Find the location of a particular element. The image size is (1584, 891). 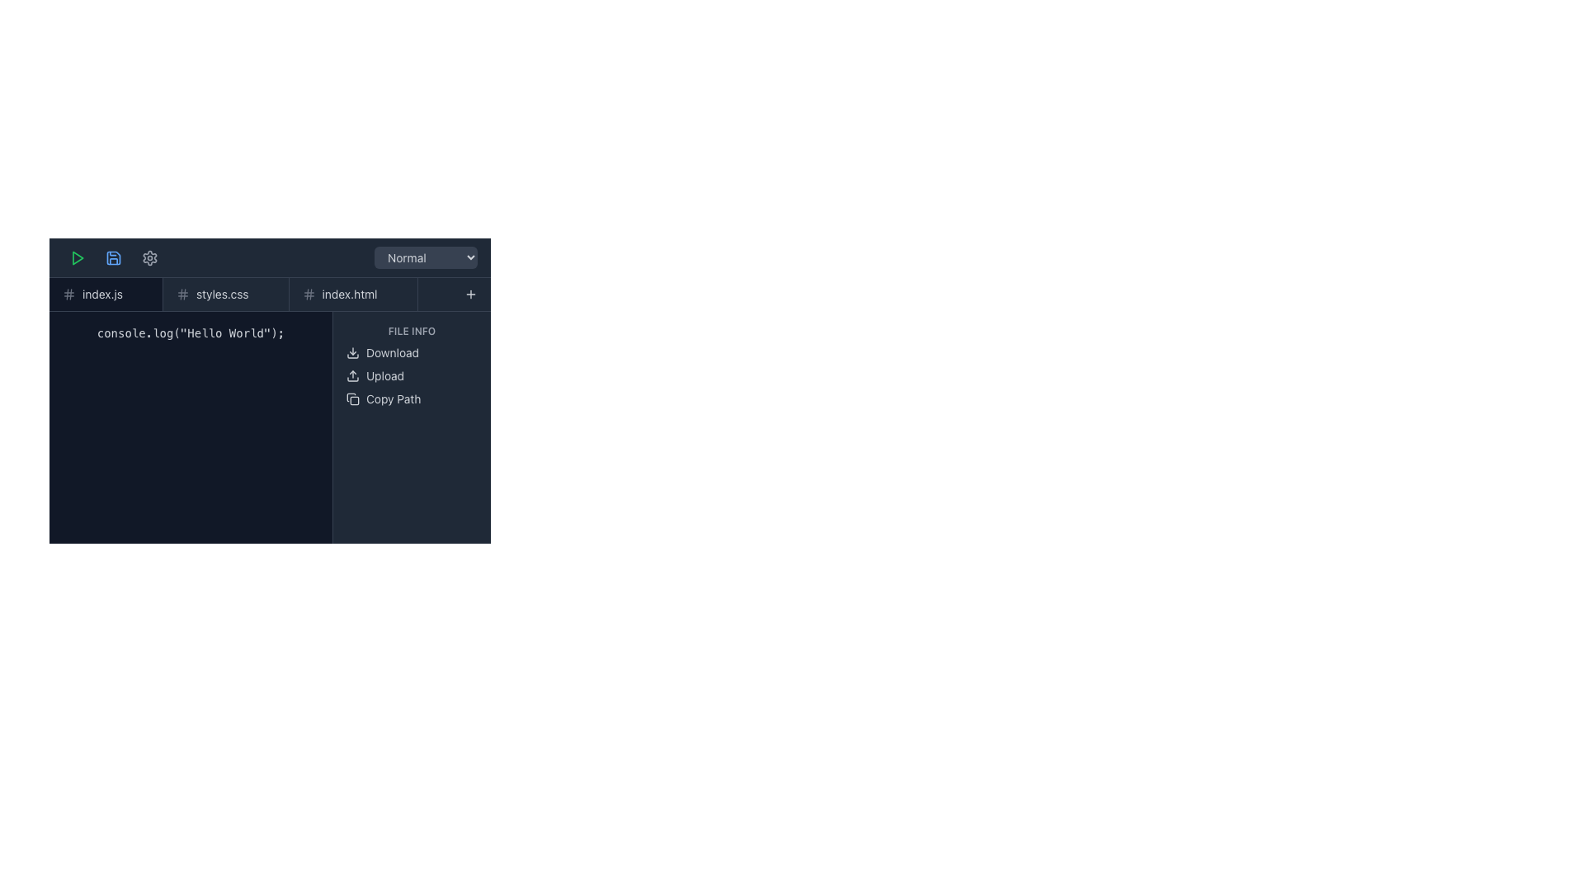

the 'index.js' tab item which has a dark background and a light text label, positioned as the leftmost tab is located at coordinates (106, 294).